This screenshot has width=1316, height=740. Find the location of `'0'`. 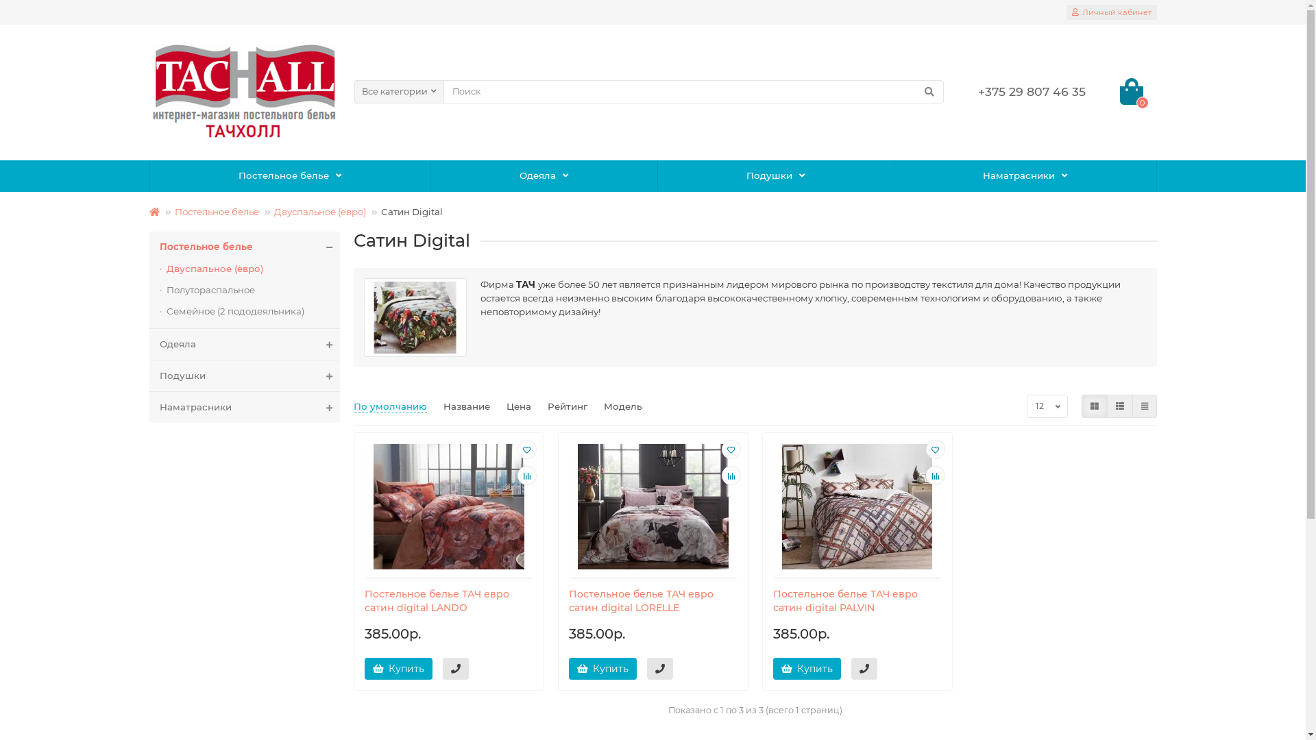

'0' is located at coordinates (1132, 91).